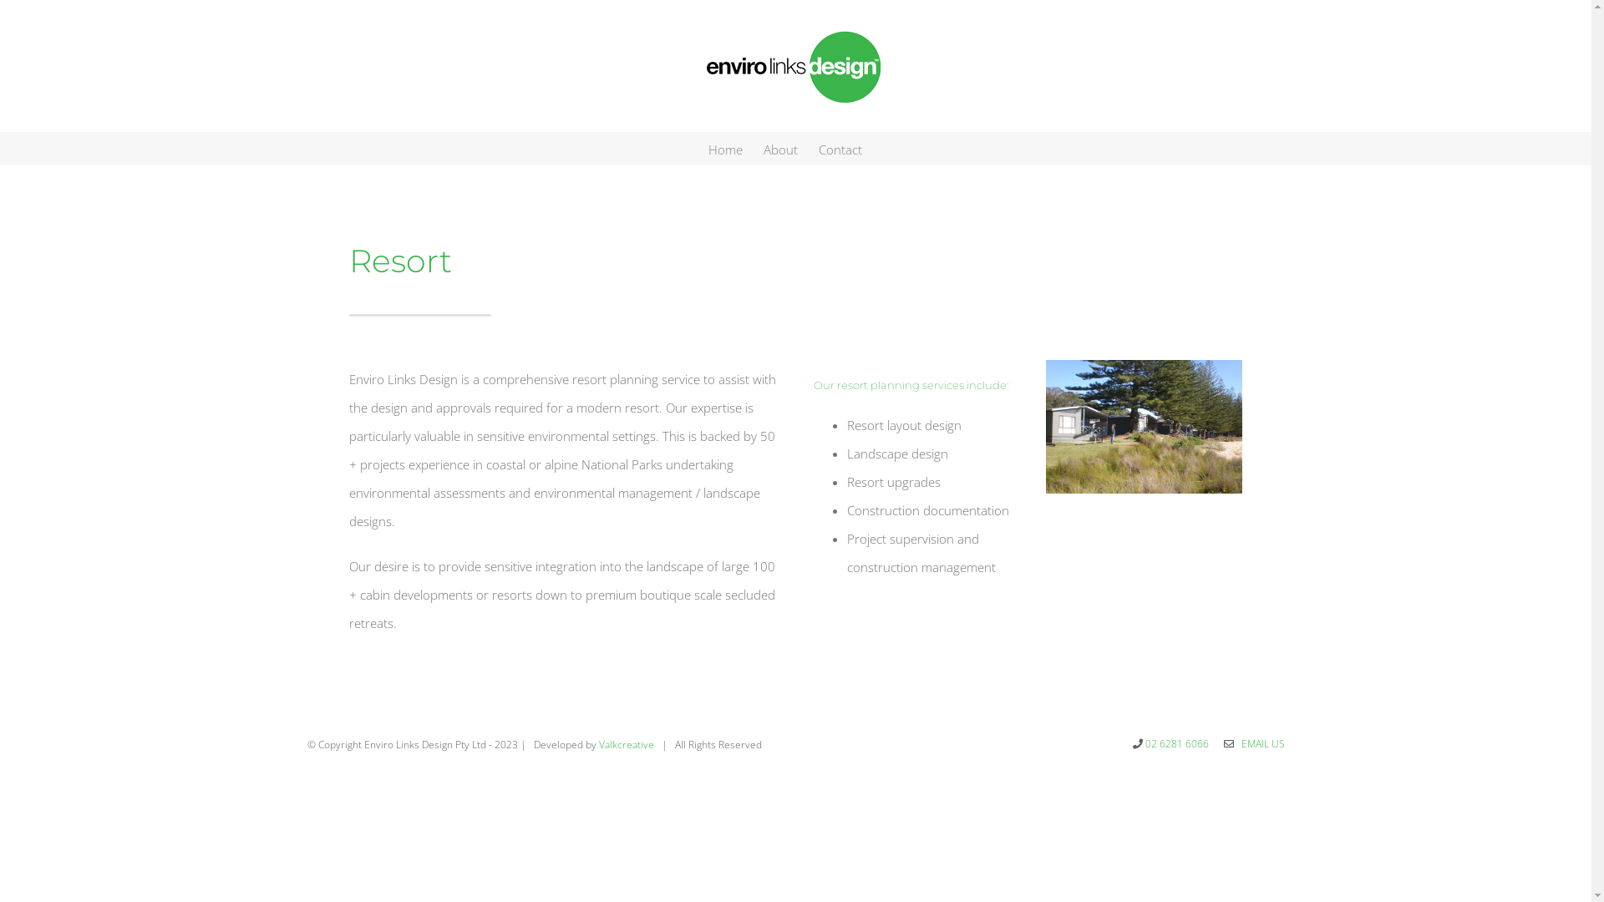  I want to click on 'MurramarangEcoTourism2', so click(1143, 425).